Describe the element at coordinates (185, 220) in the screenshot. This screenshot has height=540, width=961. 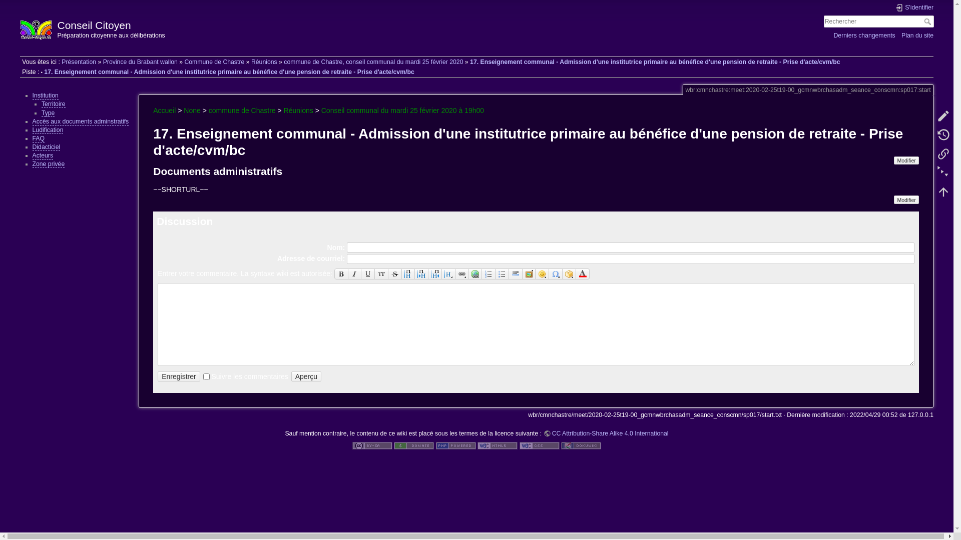
I see `'Discussion'` at that location.